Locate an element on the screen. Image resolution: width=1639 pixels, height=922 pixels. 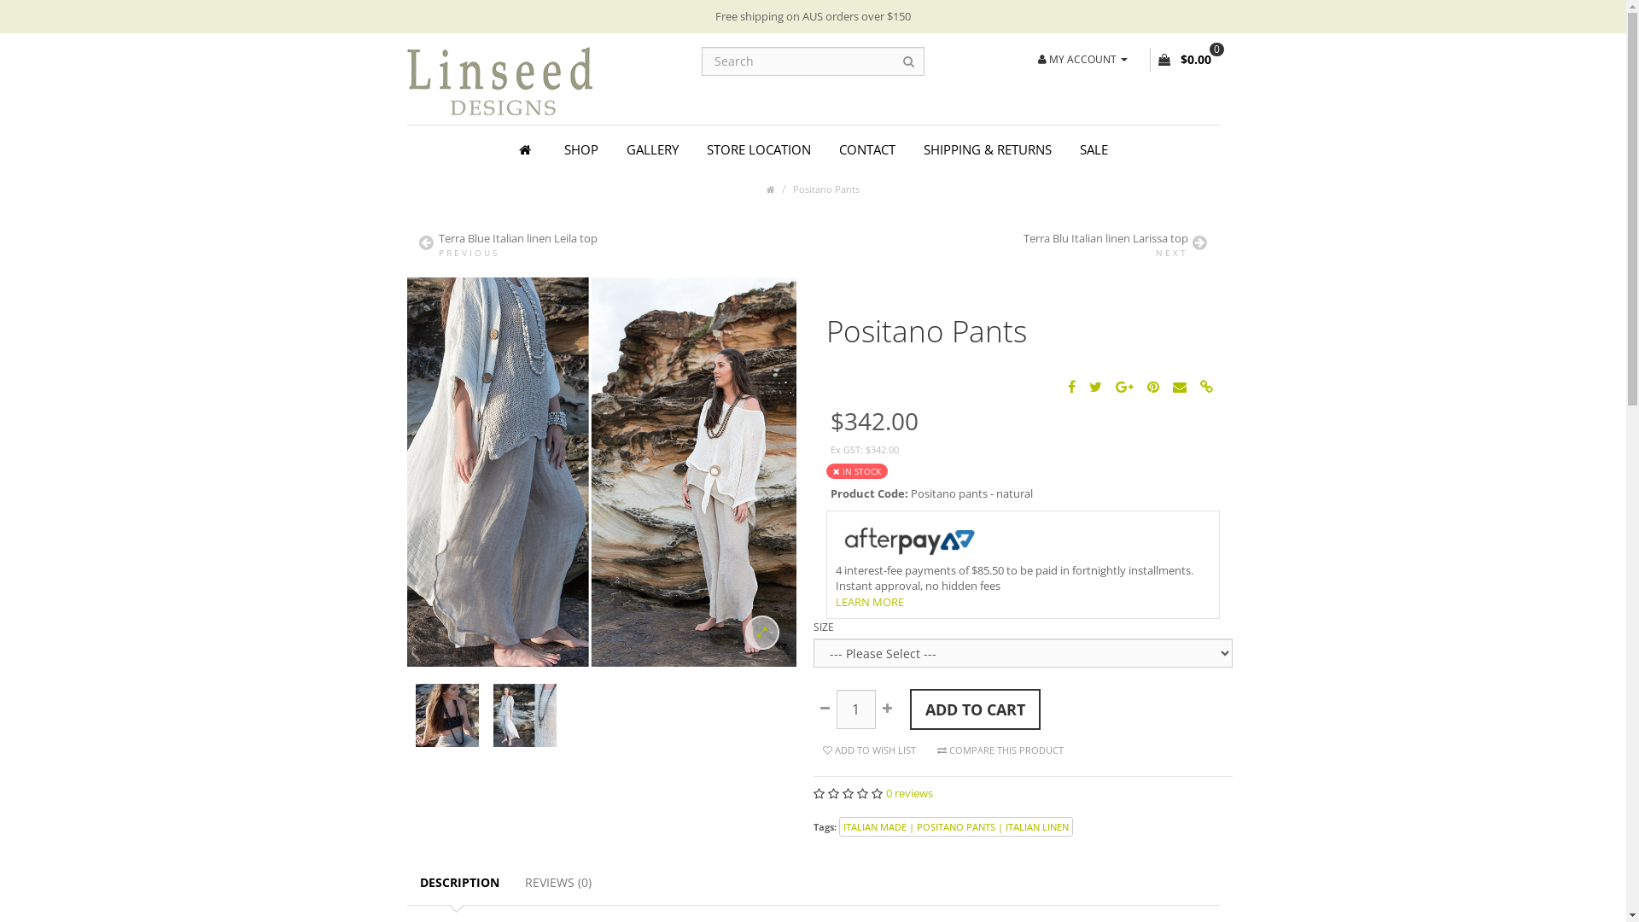
'SHIPPING & RETURNS' is located at coordinates (987, 148).